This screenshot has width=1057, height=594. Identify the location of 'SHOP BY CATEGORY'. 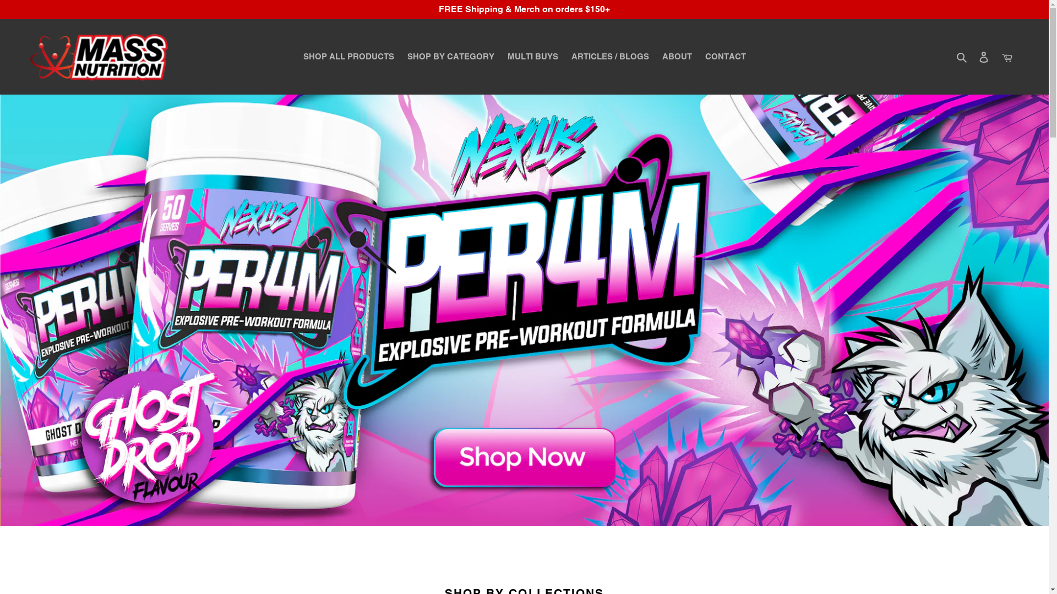
(451, 57).